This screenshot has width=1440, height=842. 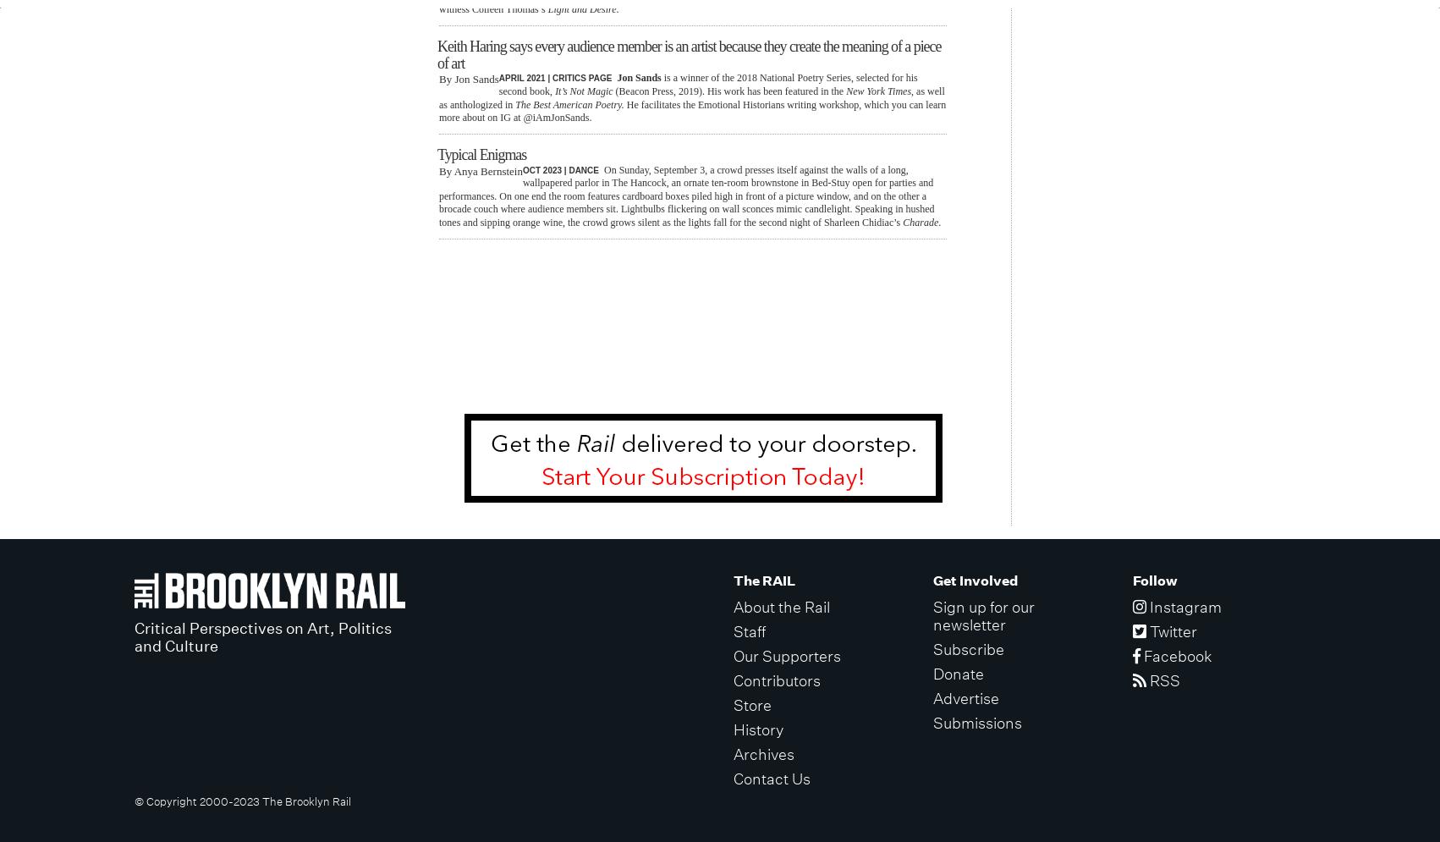 I want to click on 'By Jon Sands', so click(x=468, y=79).